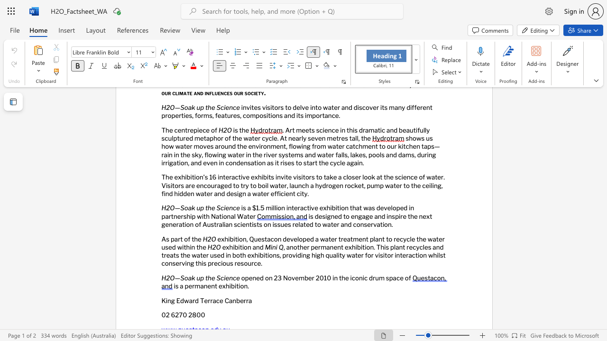 The width and height of the screenshot is (607, 341). Describe the element at coordinates (352, 207) in the screenshot. I see `the subset text "hat was developed in partnership with National Wate" within the text "is a $1.5 million interactive exhibition that was developed in partnership with National Water"` at that location.